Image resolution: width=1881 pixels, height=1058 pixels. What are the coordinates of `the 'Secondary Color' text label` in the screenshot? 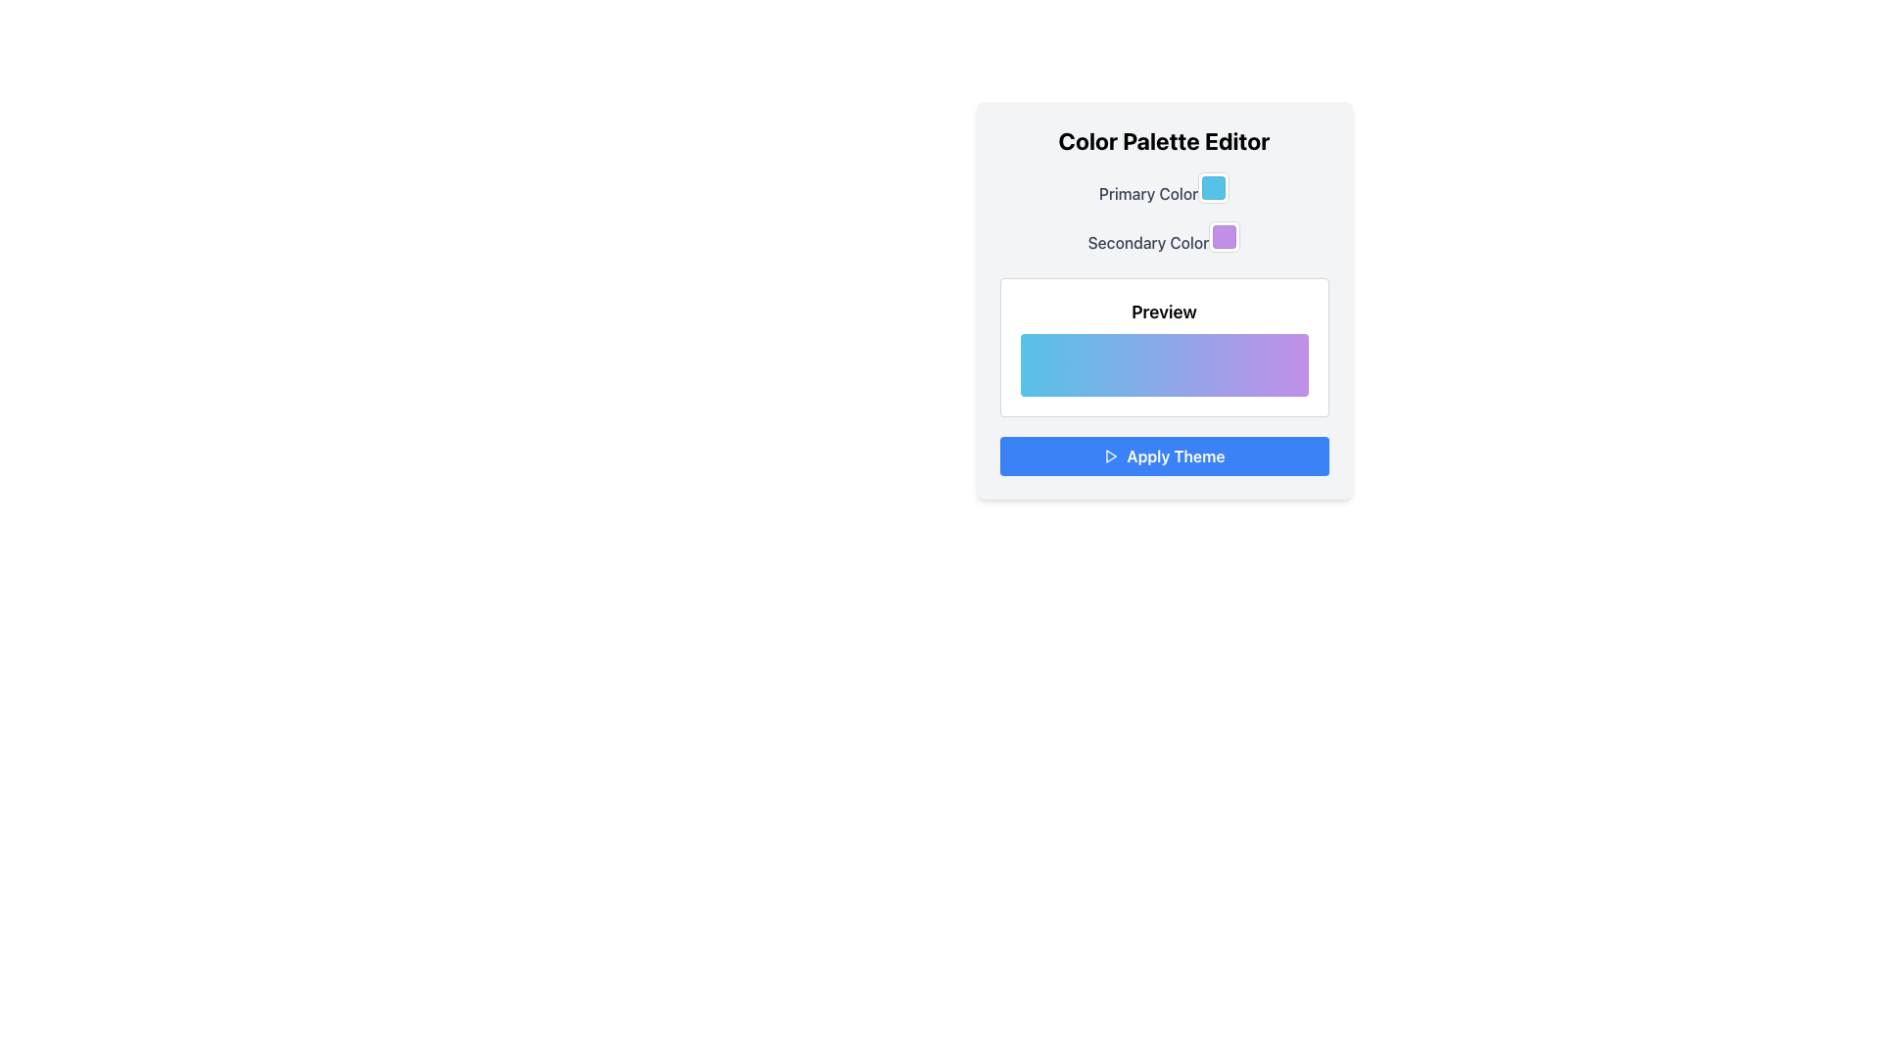 It's located at (1164, 237).